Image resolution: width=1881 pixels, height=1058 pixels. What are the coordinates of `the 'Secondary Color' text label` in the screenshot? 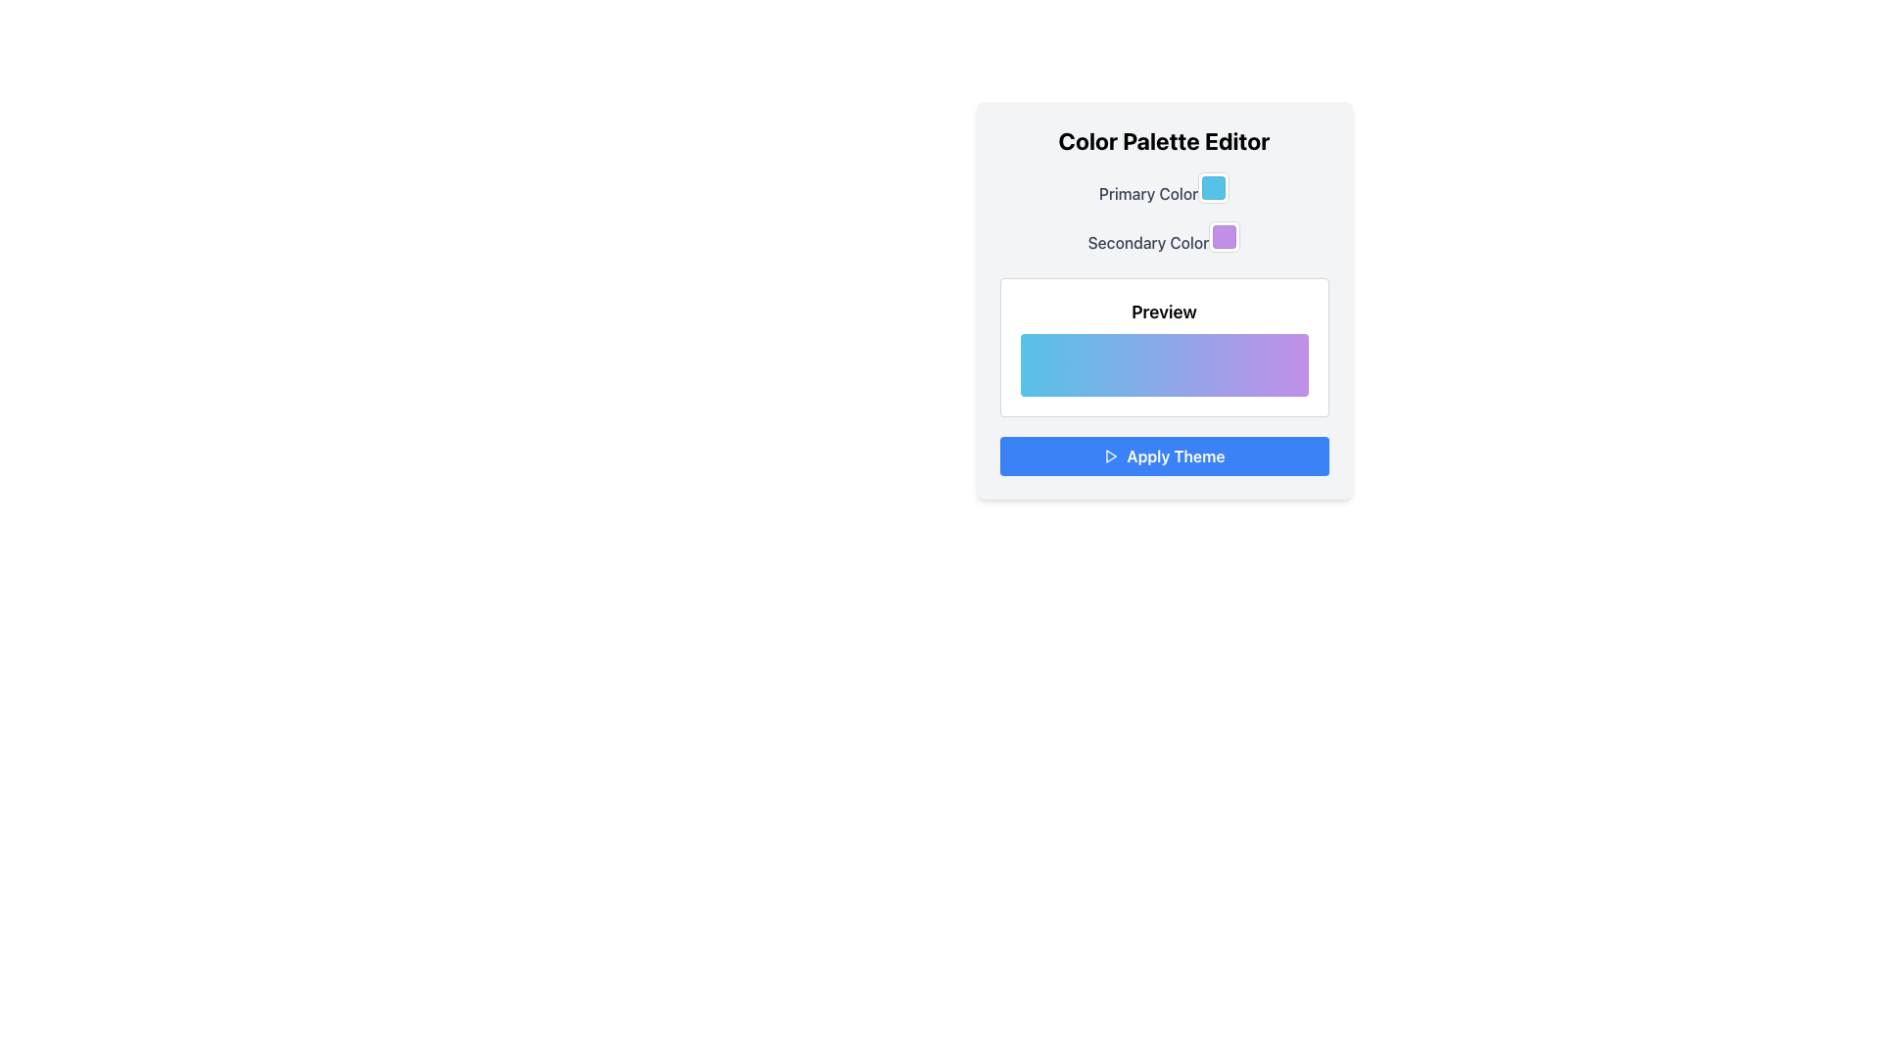 It's located at (1164, 237).